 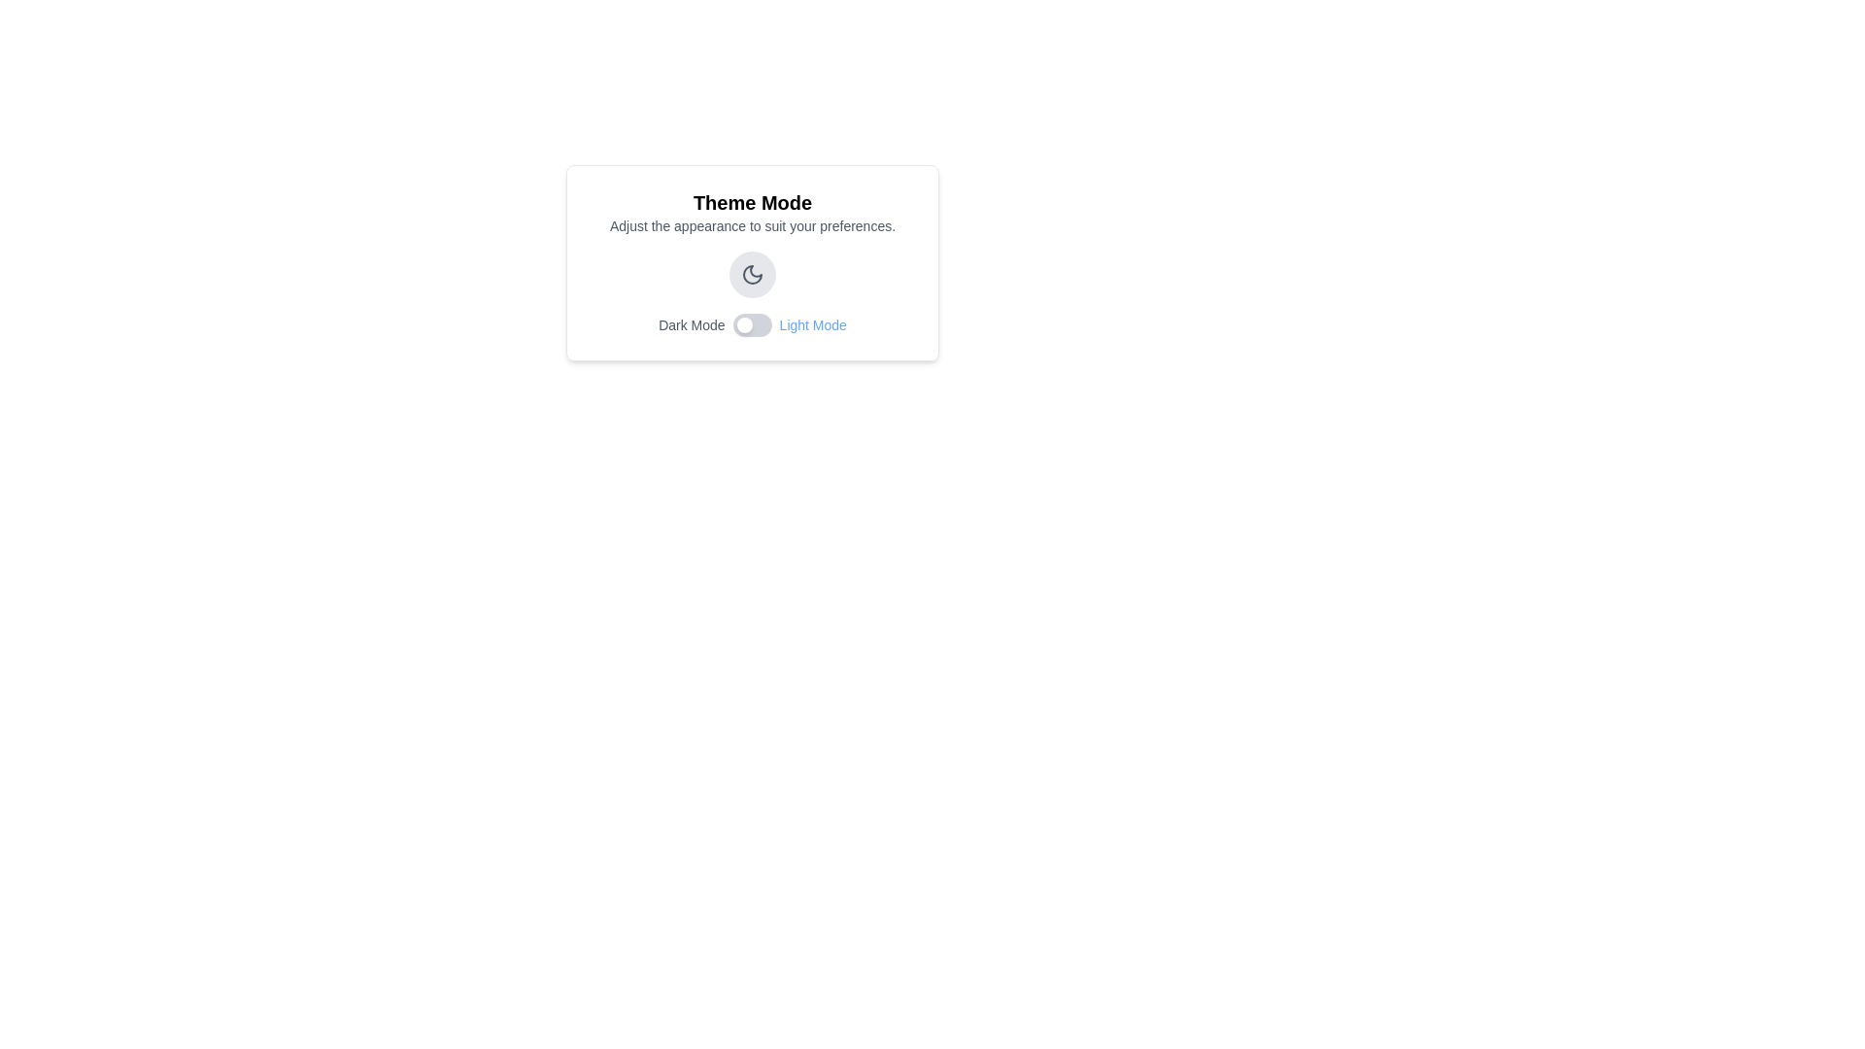 What do you see at coordinates (751, 324) in the screenshot?
I see `the toggle switch for 'Dark Mode' and 'Light Mode' located below the title 'Theme Mode'` at bounding box center [751, 324].